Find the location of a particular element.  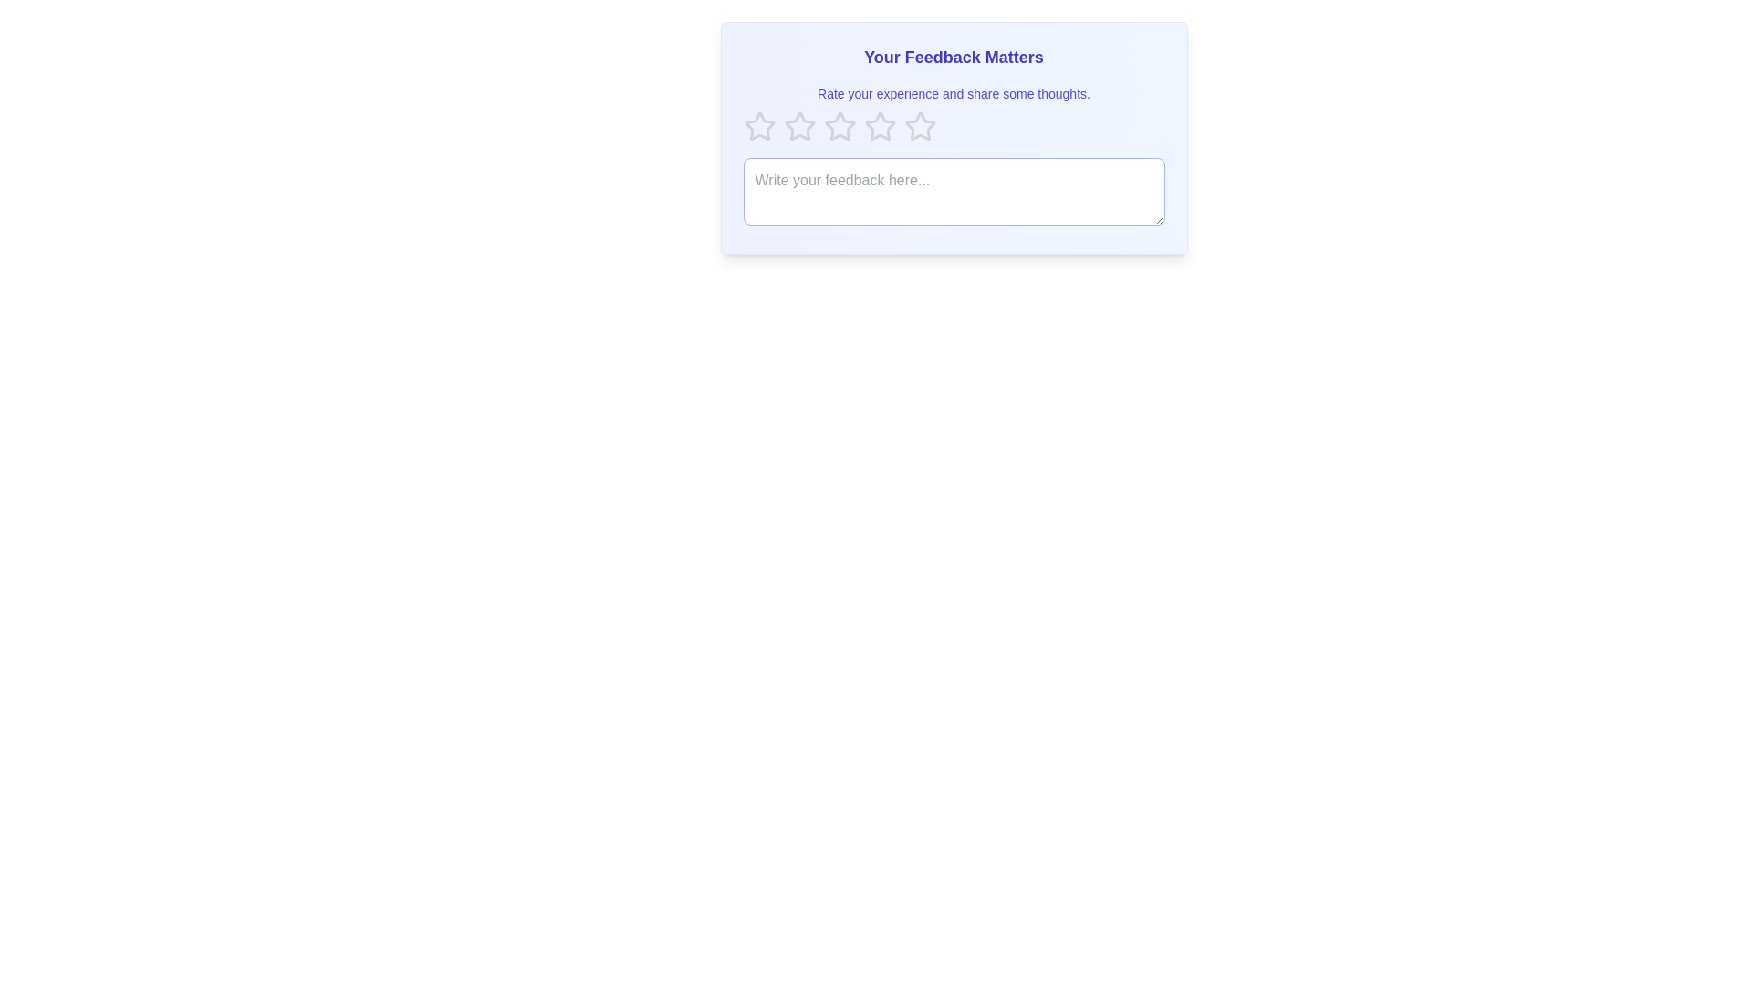

the star corresponding to the desired rating 5 is located at coordinates (920, 125).